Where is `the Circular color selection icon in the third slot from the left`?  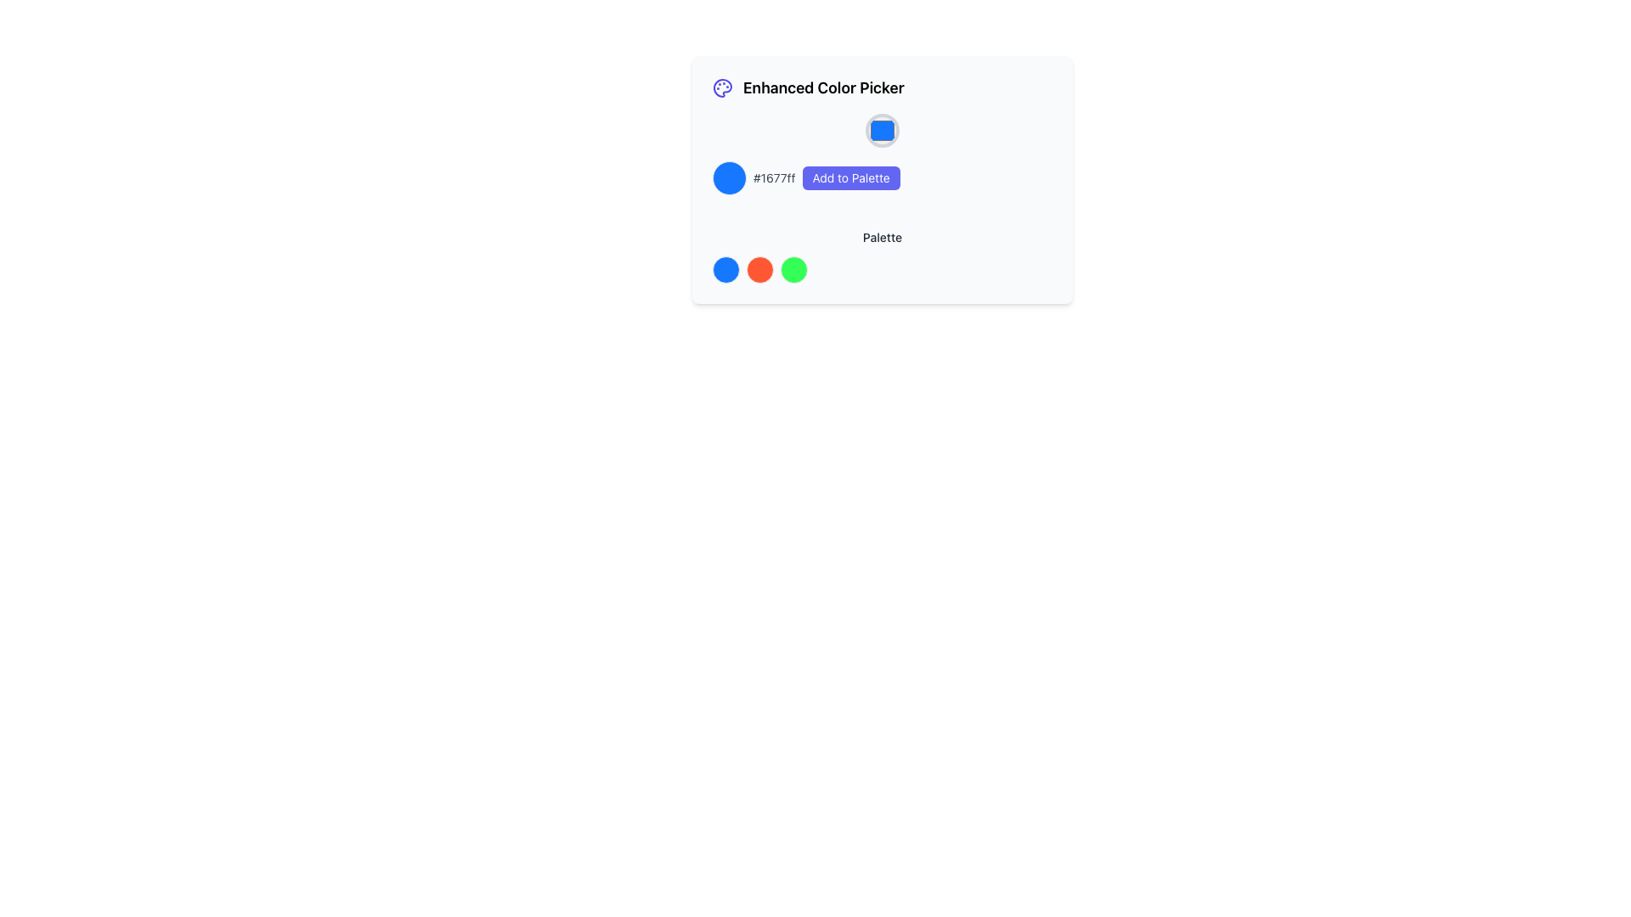
the Circular color selection icon in the third slot from the left is located at coordinates (793, 268).